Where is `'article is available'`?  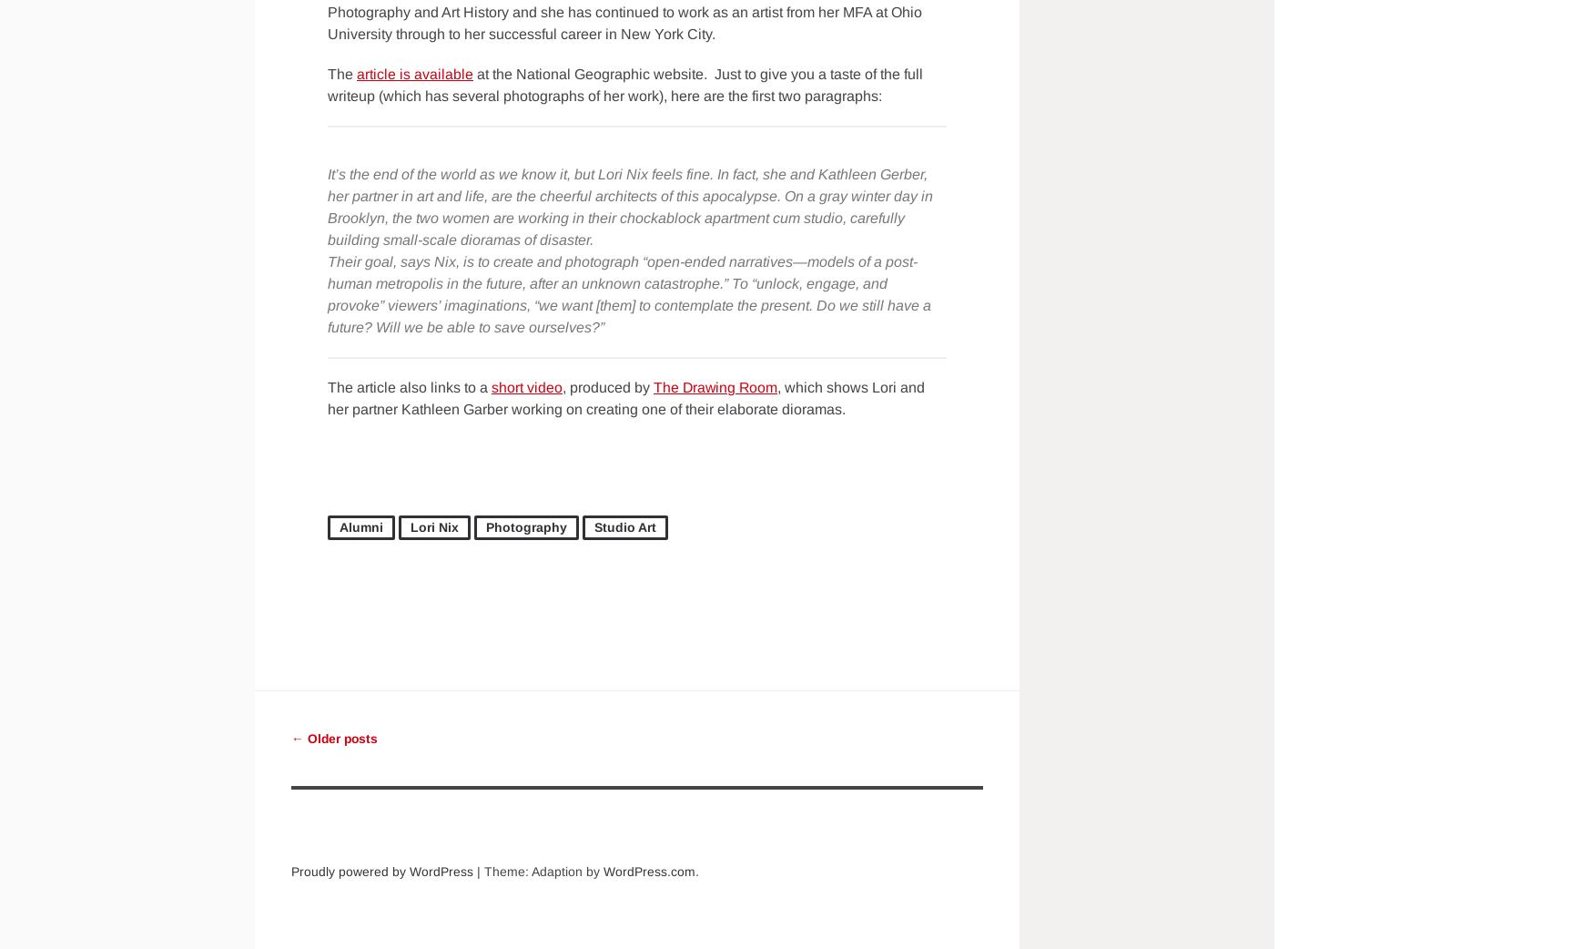 'article is available' is located at coordinates (356, 73).